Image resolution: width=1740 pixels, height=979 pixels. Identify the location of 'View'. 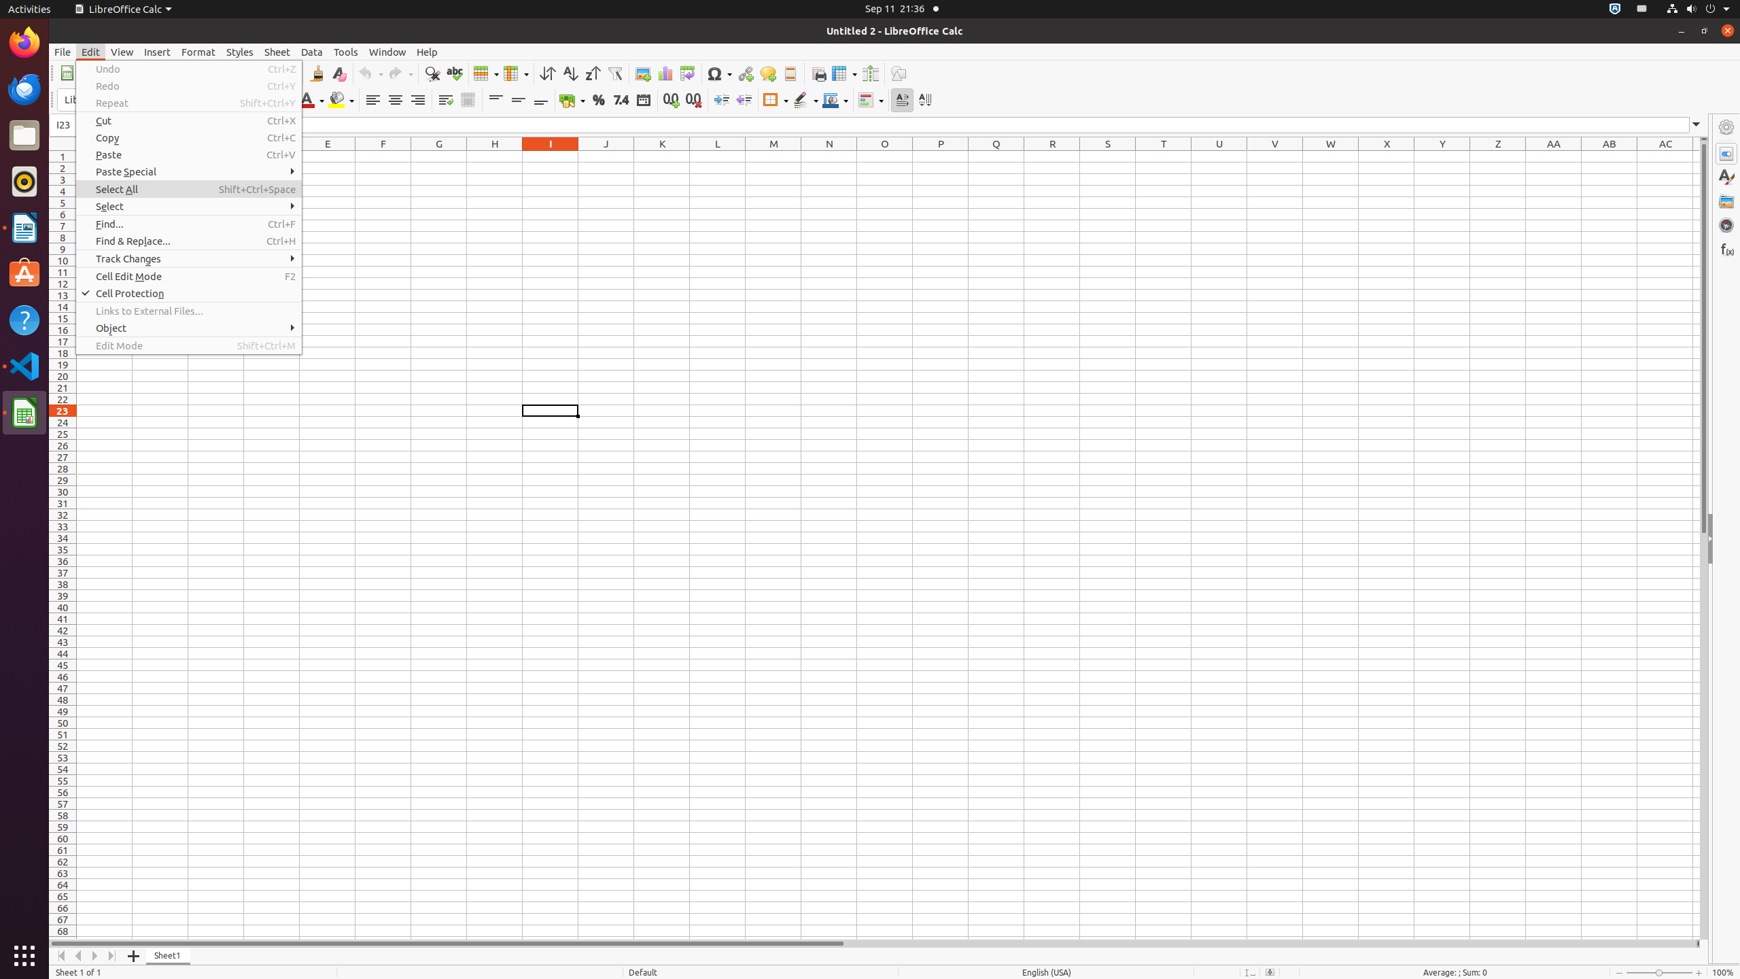
(122, 52).